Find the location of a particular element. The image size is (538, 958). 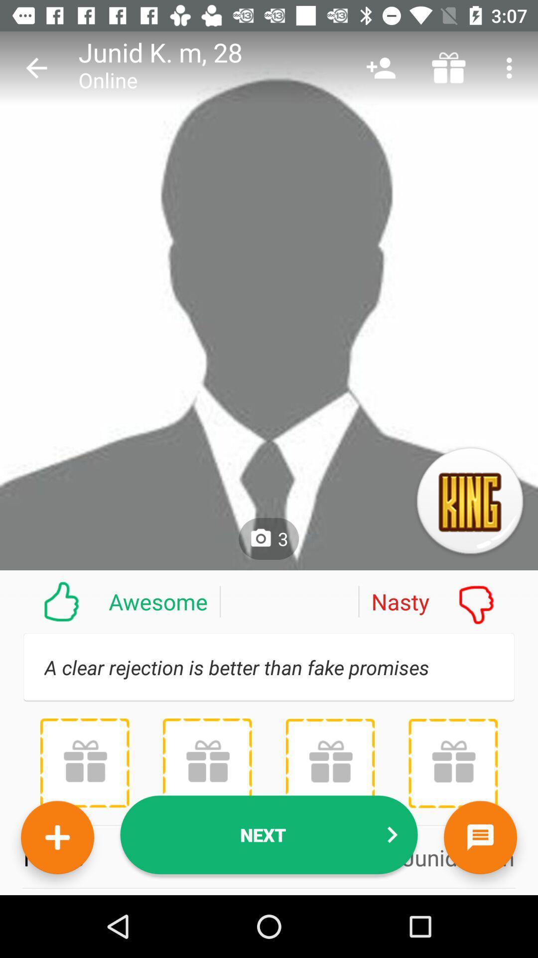

the nasty icon is located at coordinates (447, 601).